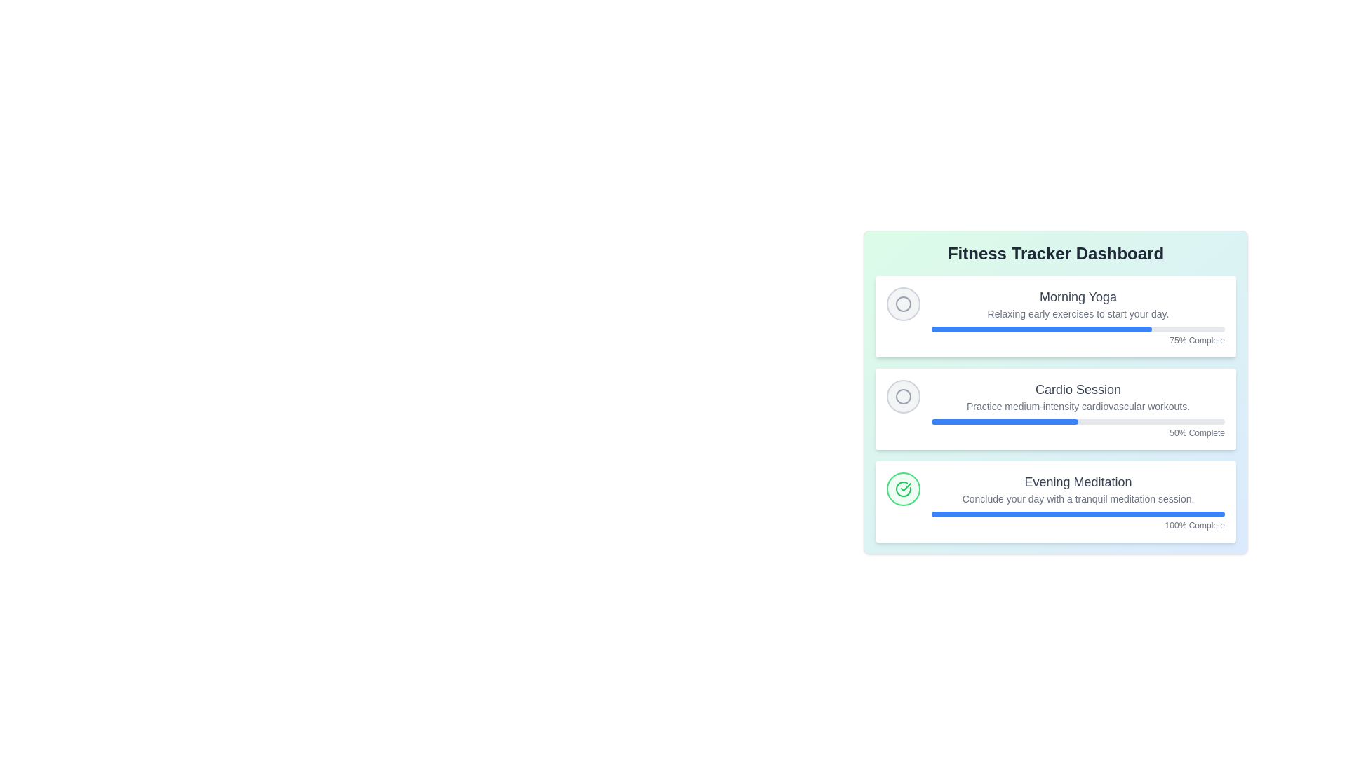 The image size is (1347, 757). What do you see at coordinates (1077, 421) in the screenshot?
I see `the horizontal progress bar, which is styled with a light gray rounded background and a blue progression segment, located beneath the 'Practice medium-intensity cardiovascular workouts.' text and above '50% Complete' in the 'Cardio Session' section` at bounding box center [1077, 421].